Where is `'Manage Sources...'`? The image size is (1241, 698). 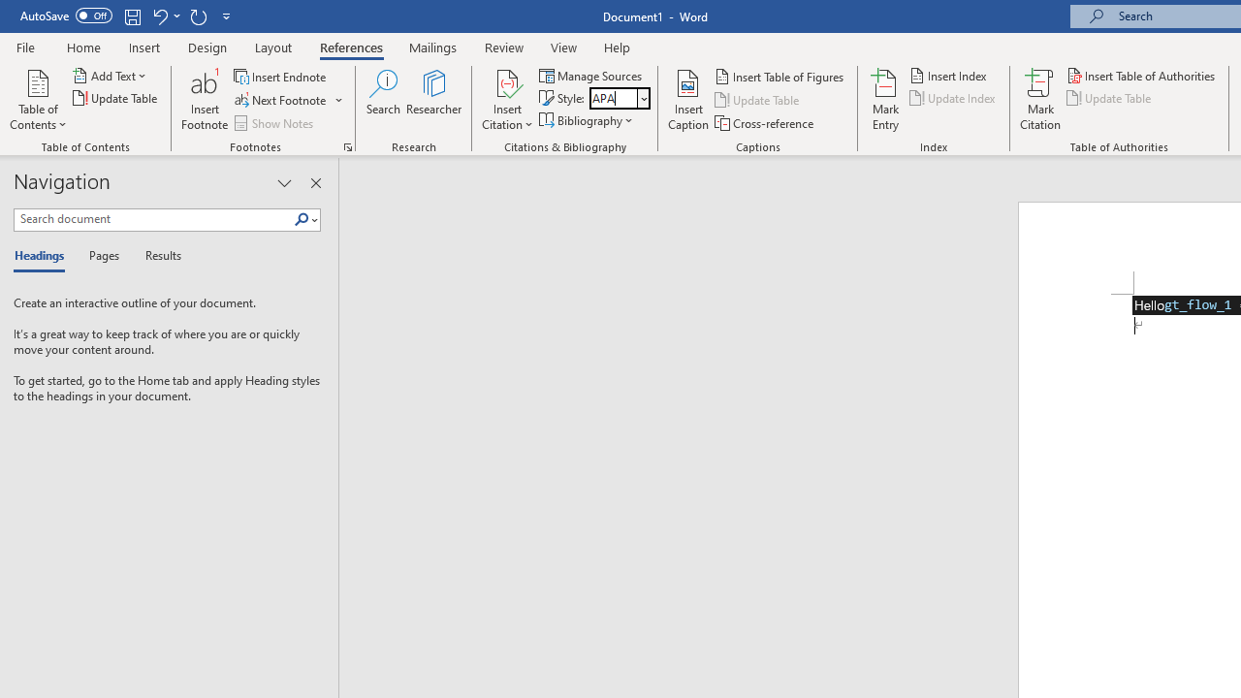
'Manage Sources...' is located at coordinates (591, 75).